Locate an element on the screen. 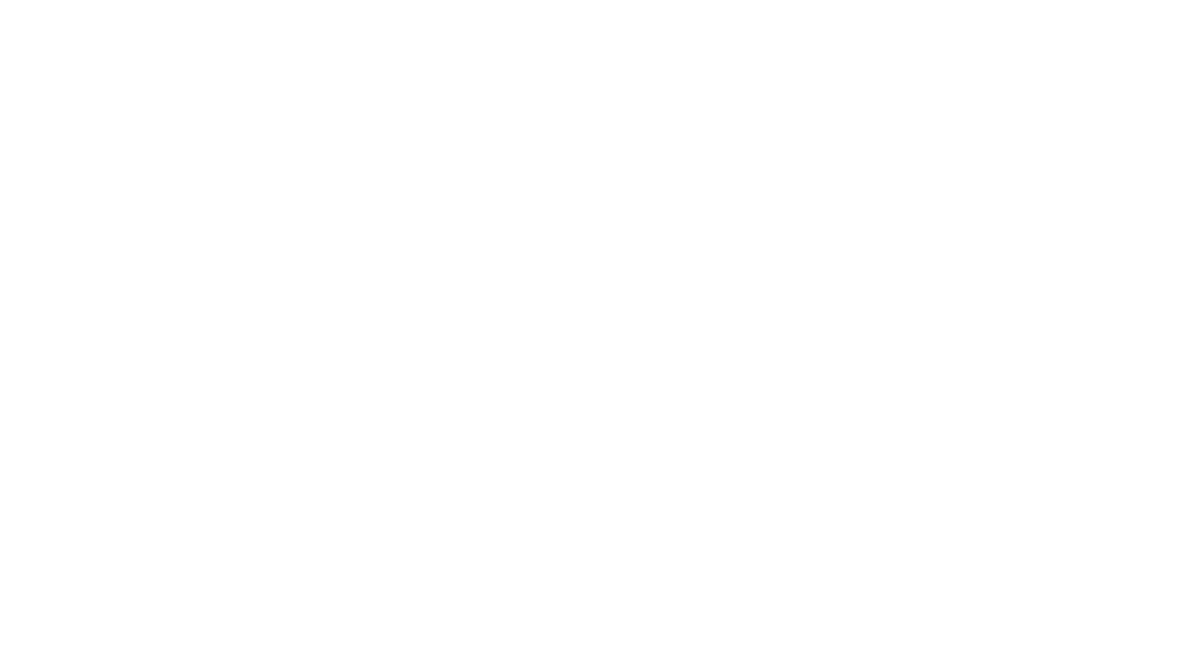 The width and height of the screenshot is (1180, 672). 'sofia' is located at coordinates (525, 124).